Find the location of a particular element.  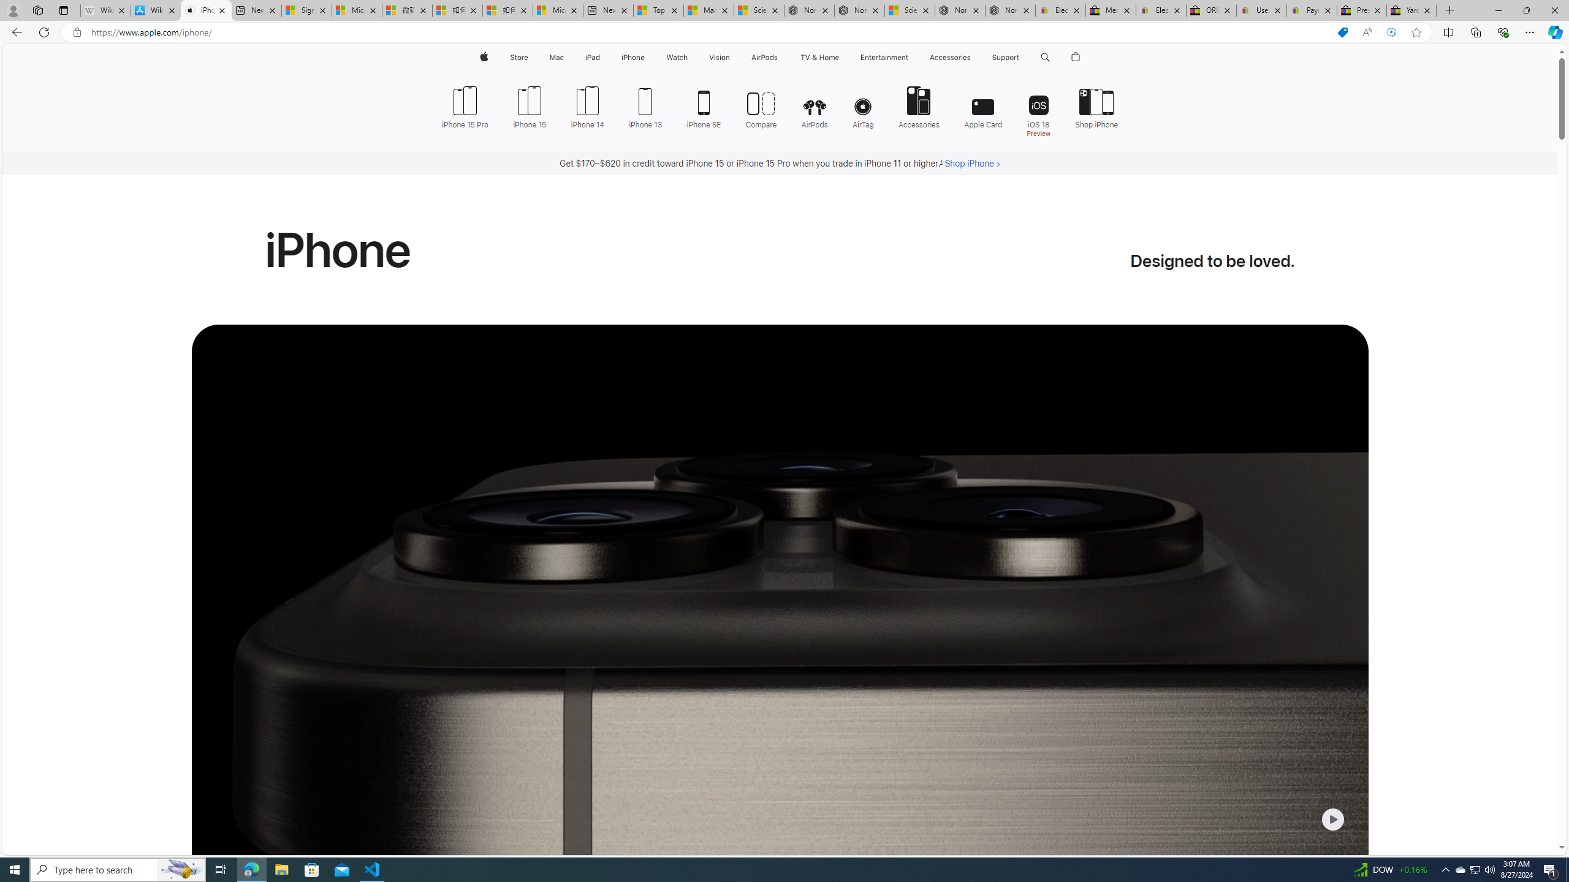

'Apple Card' is located at coordinates (984, 105).